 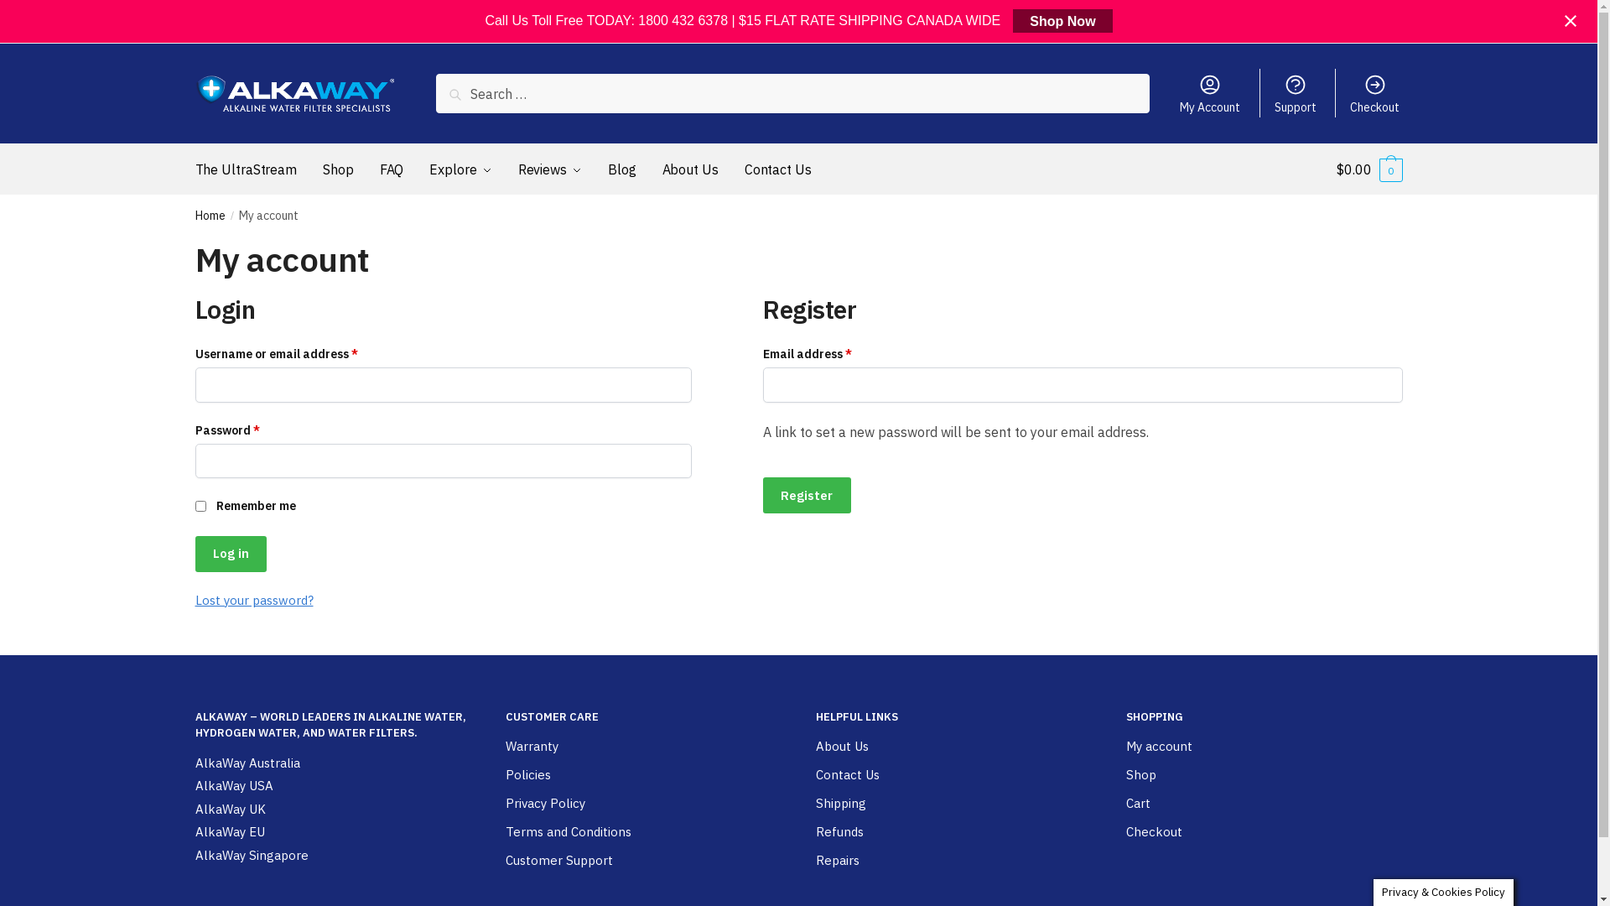 What do you see at coordinates (806, 494) in the screenshot?
I see `'Register'` at bounding box center [806, 494].